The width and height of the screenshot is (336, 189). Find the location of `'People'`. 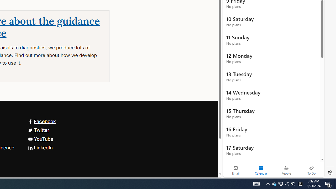

'People' is located at coordinates (286, 170).